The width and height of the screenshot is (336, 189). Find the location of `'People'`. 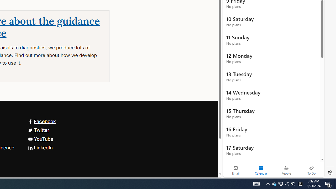

'People' is located at coordinates (286, 170).